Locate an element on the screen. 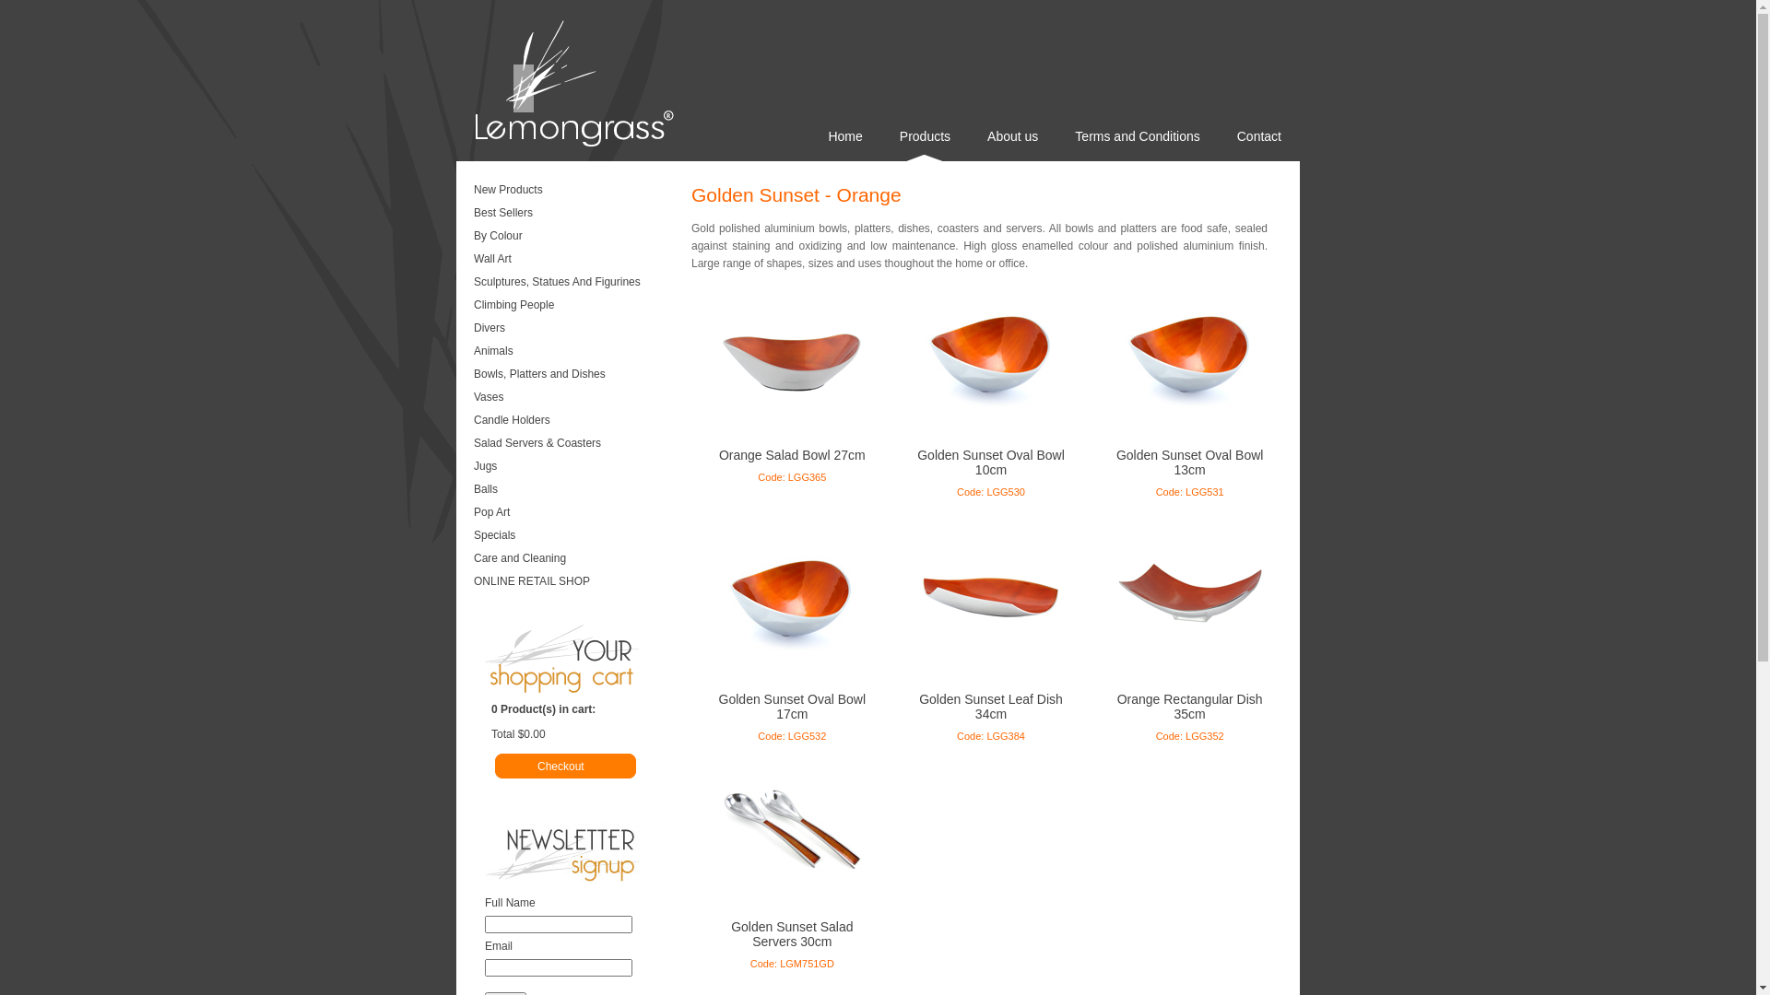 Image resolution: width=1770 pixels, height=995 pixels. 'Salad Servers & Coasters' is located at coordinates (570, 444).